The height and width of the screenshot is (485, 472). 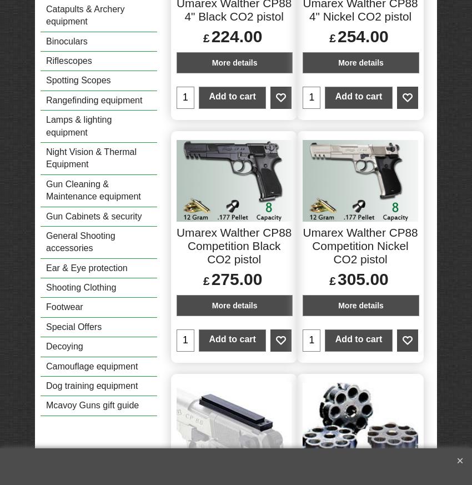 I want to click on '224.00', so click(x=236, y=35).